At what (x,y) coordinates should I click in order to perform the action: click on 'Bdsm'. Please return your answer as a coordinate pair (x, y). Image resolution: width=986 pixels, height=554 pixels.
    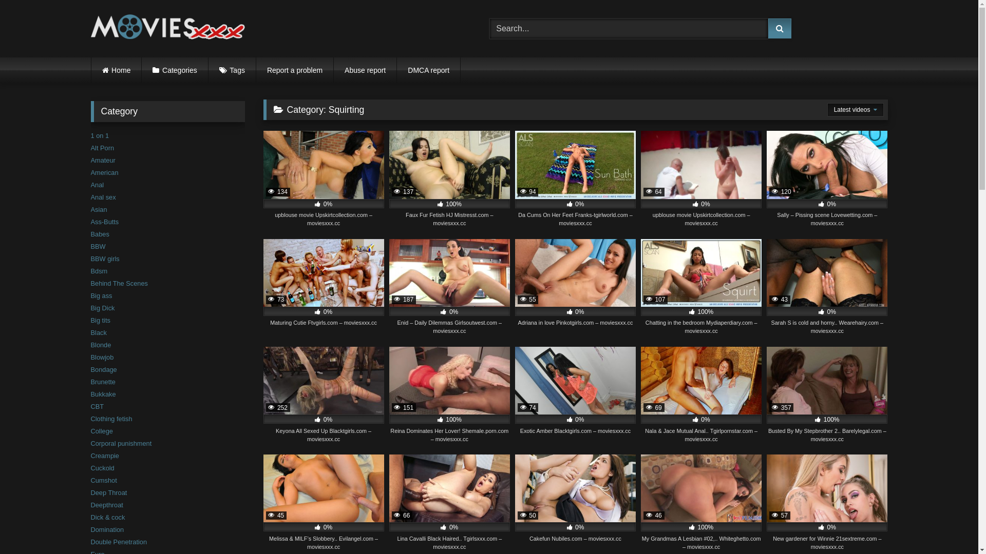
    Looking at the image, I should click on (99, 270).